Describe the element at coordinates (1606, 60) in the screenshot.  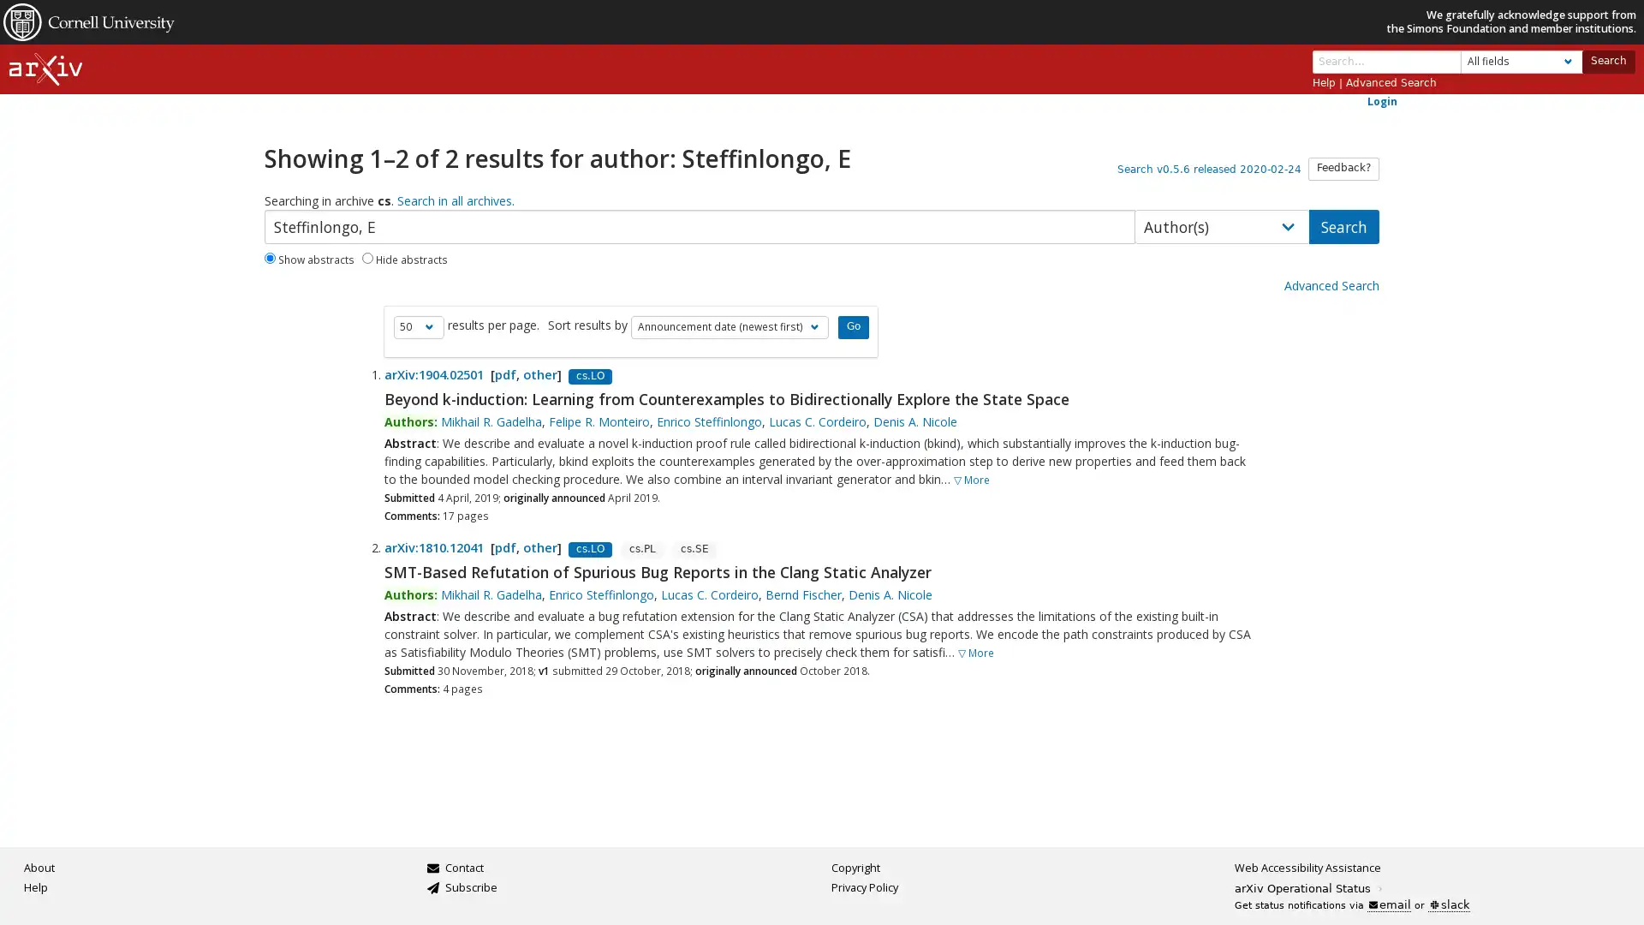
I see `Search` at that location.